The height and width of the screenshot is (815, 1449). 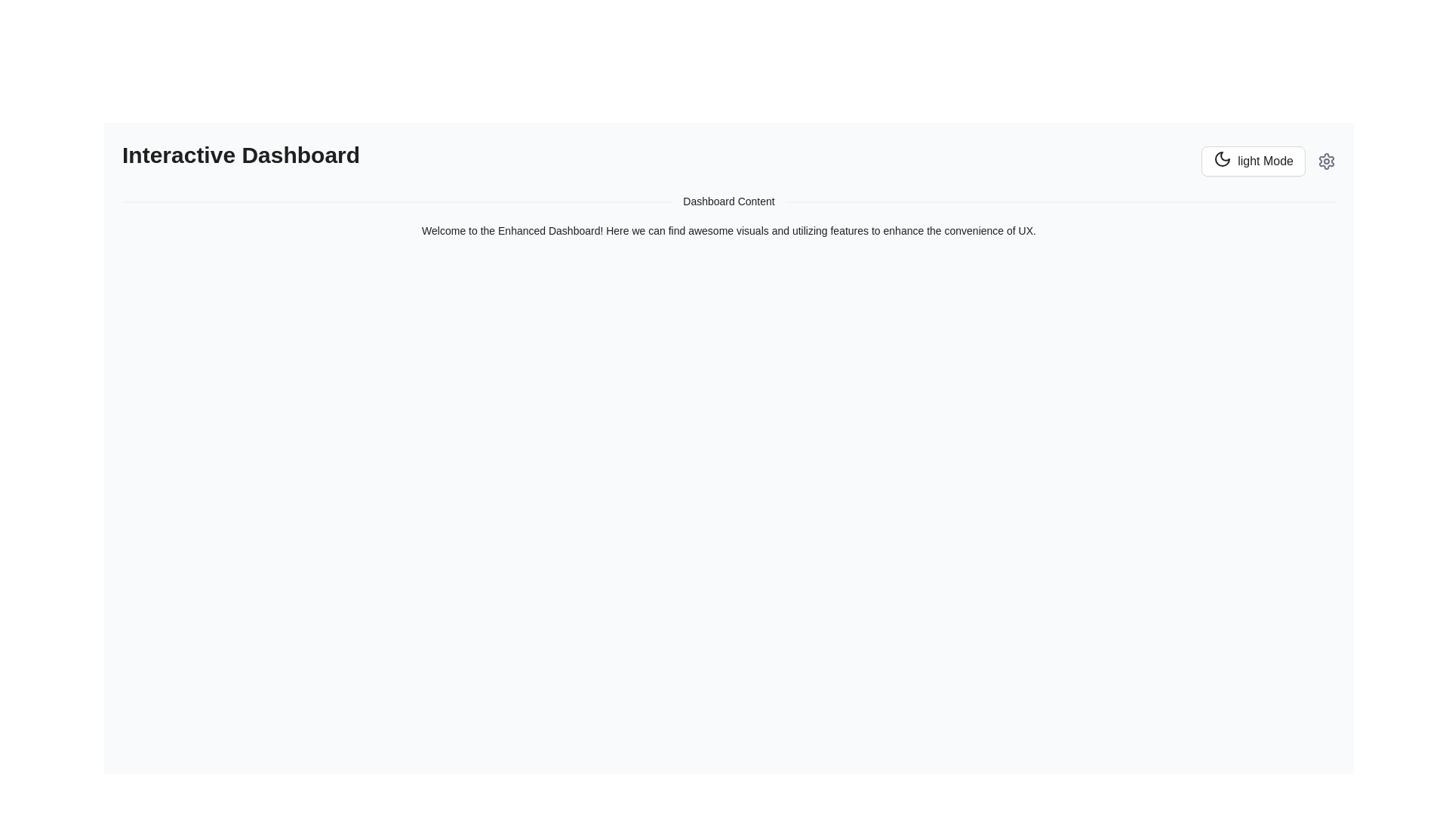 What do you see at coordinates (728, 230) in the screenshot?
I see `the welcome message label that introduces users to the dashboard's features, located centrally within the 'Dashboard Content' section` at bounding box center [728, 230].